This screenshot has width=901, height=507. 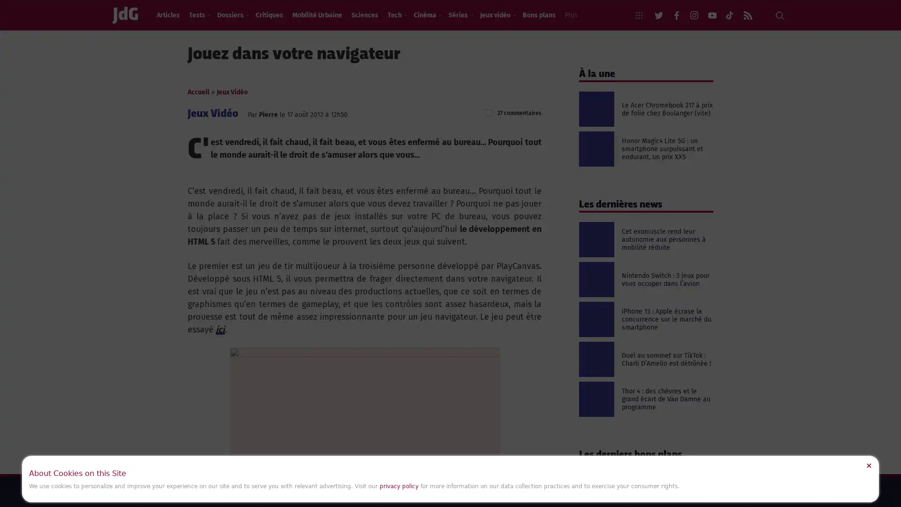 What do you see at coordinates (658, 15) in the screenshot?
I see `twitter` at bounding box center [658, 15].